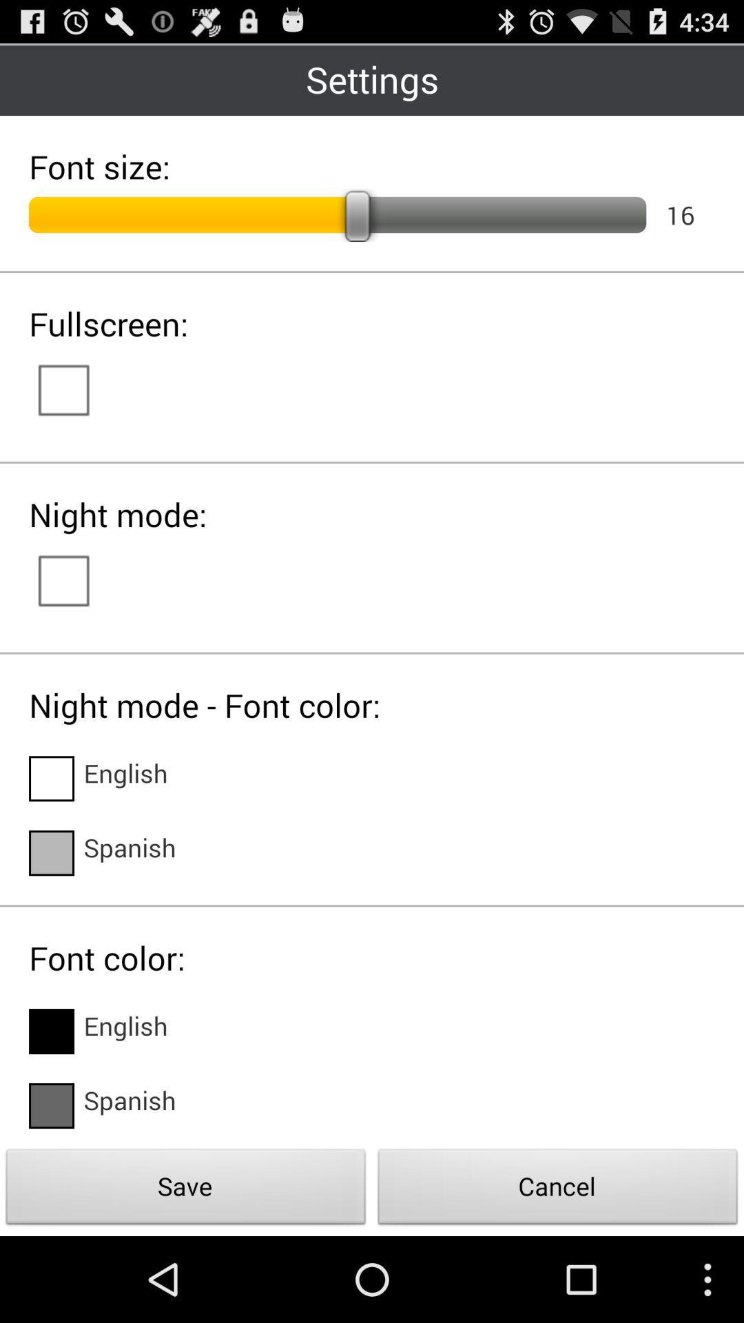  I want to click on check box beside english in font color, so click(50, 1032).